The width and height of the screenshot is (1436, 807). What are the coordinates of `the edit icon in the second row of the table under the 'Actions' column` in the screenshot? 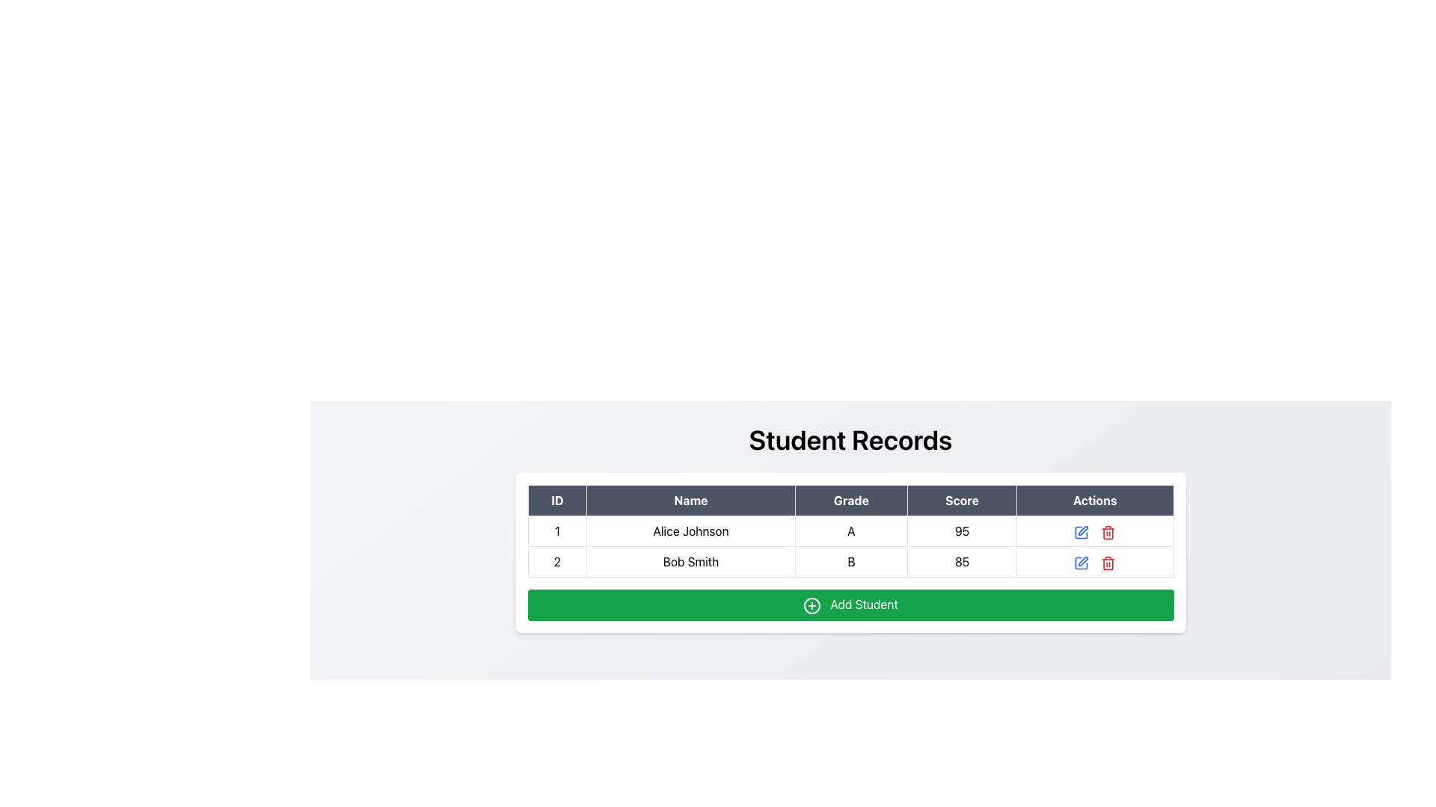 It's located at (1083, 529).